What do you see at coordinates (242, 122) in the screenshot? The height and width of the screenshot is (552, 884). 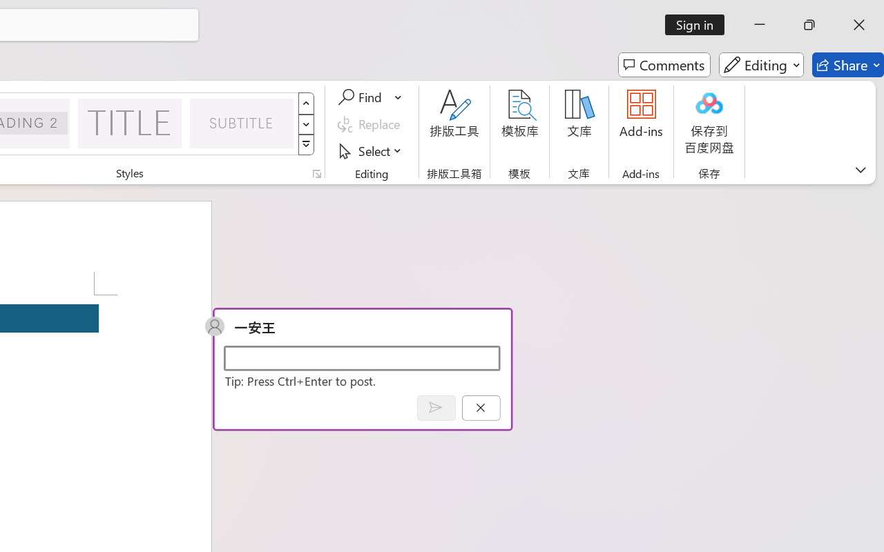 I see `'Subtitle'` at bounding box center [242, 122].